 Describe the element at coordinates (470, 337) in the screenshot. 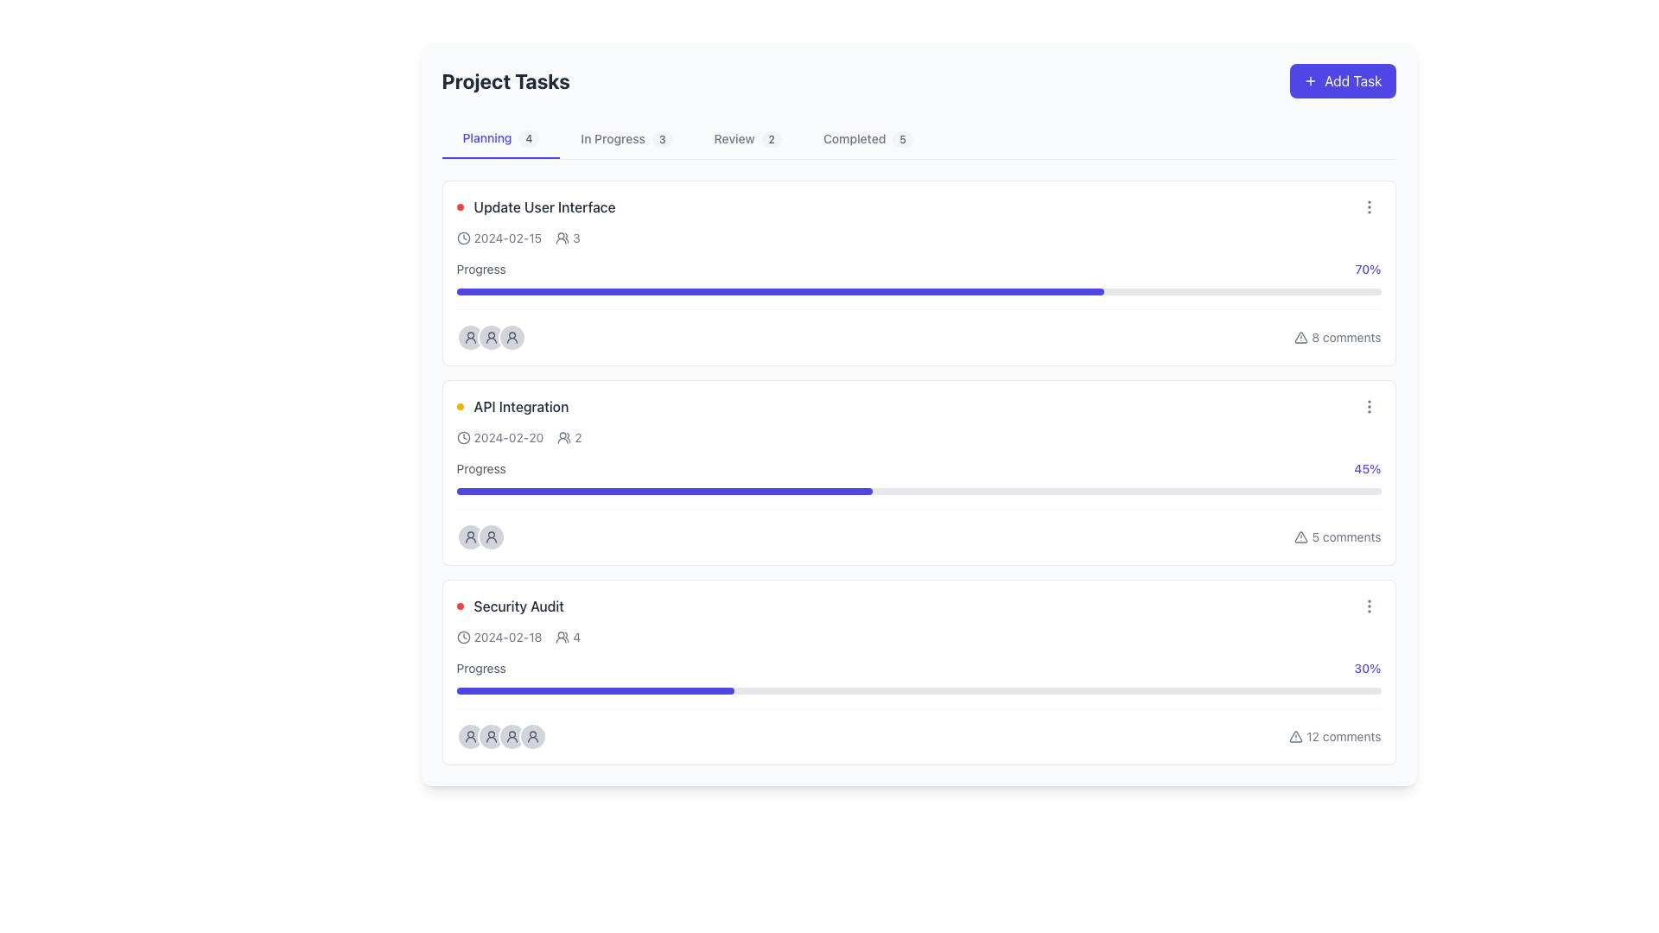

I see `the user avatar icon, which is the third icon in the row of user icons at the bottom of the 'Update User Interface' task section in the 'Planning' tab of the 'Project Tasks' interface` at that location.